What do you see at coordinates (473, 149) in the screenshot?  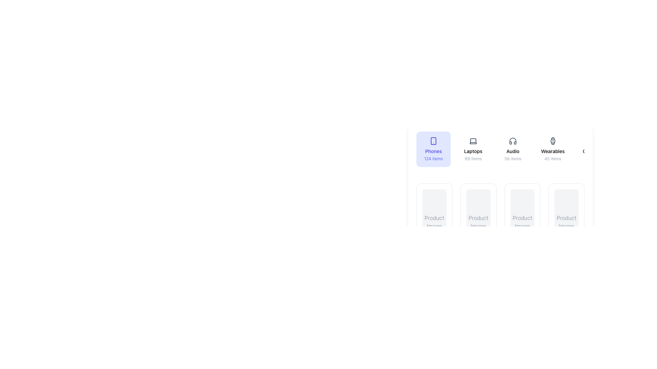 I see `the 'Laptops' category button, which is visually represented by a laptop icon above the text 'Laptops' and '89 items'` at bounding box center [473, 149].